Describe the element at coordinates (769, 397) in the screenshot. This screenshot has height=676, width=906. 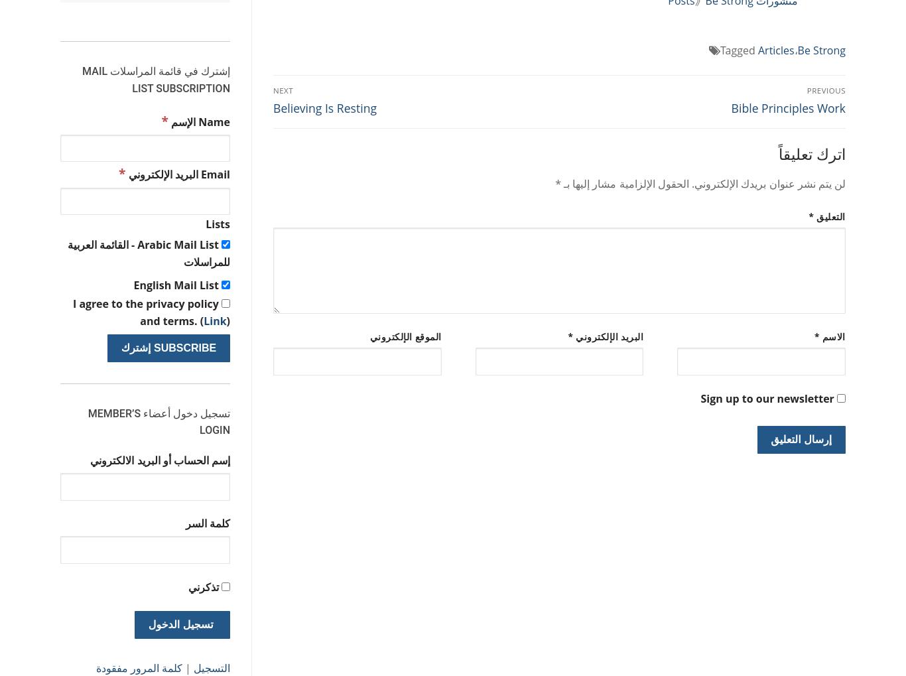
I see `'Sign up to our newsletter'` at that location.